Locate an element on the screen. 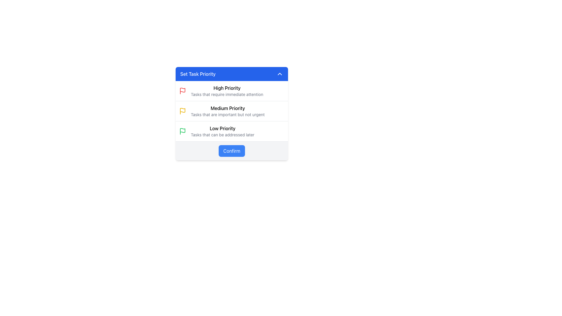 The height and width of the screenshot is (316, 562). text on the 'High Priority' label in the 'Set Task Priority' modal, which is the first item in the vertically stacked list and aligned with a red flag icon is located at coordinates (227, 91).